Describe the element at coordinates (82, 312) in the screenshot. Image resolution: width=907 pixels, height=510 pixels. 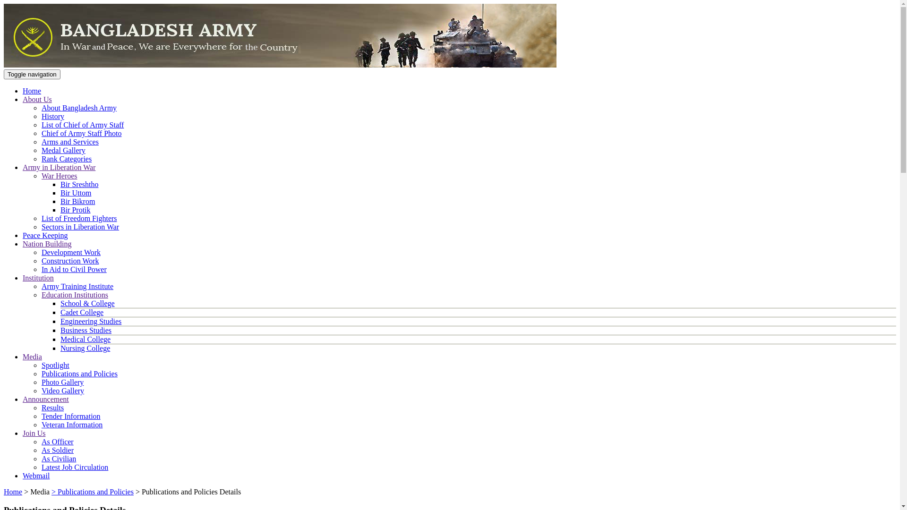
I see `'Cadet College'` at that location.